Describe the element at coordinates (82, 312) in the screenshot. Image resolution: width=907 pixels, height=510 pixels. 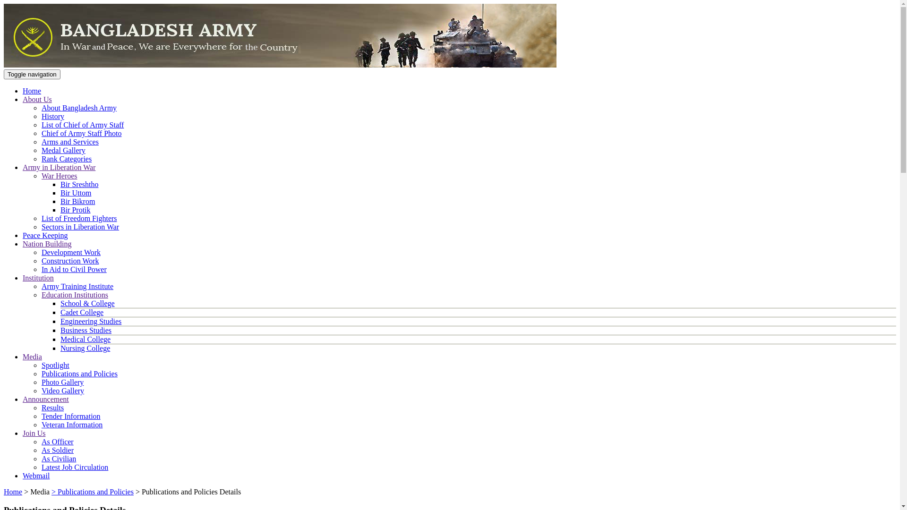
I see `'Cadet College'` at that location.